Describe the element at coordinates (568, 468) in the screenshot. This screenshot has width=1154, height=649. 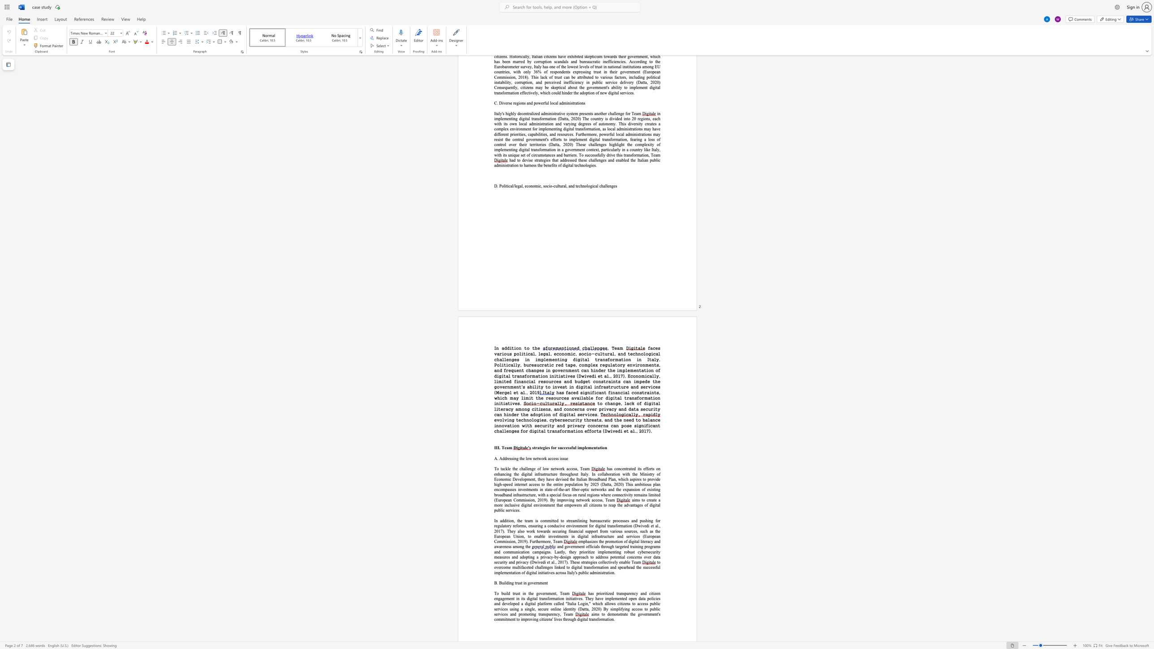
I see `the subset text "cc" within the text "To tackle the challenge of low network access, Team"` at that location.